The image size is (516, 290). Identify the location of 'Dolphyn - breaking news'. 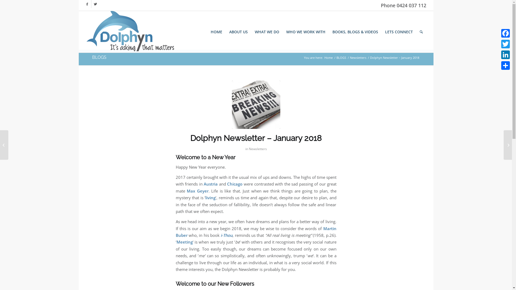
(255, 104).